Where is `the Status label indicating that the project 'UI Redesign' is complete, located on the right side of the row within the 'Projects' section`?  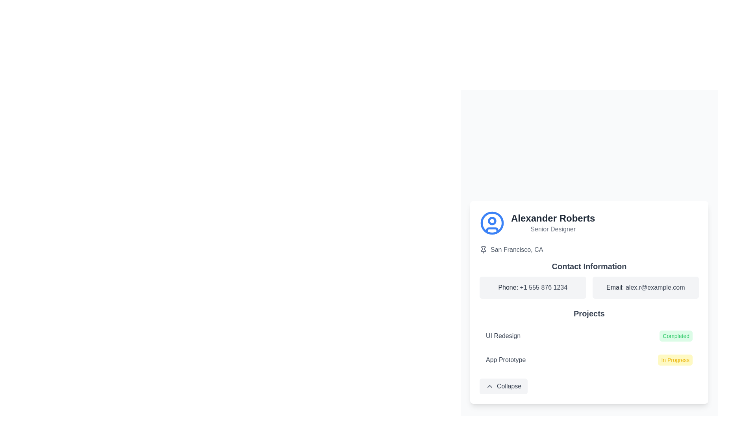
the Status label indicating that the project 'UI Redesign' is complete, located on the right side of the row within the 'Projects' section is located at coordinates (676, 336).